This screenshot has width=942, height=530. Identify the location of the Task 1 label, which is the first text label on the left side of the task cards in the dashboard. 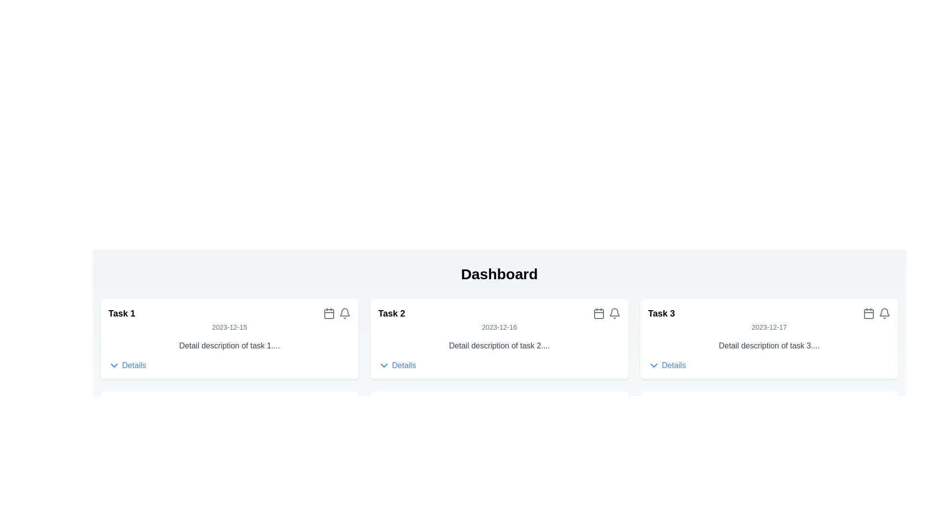
(121, 314).